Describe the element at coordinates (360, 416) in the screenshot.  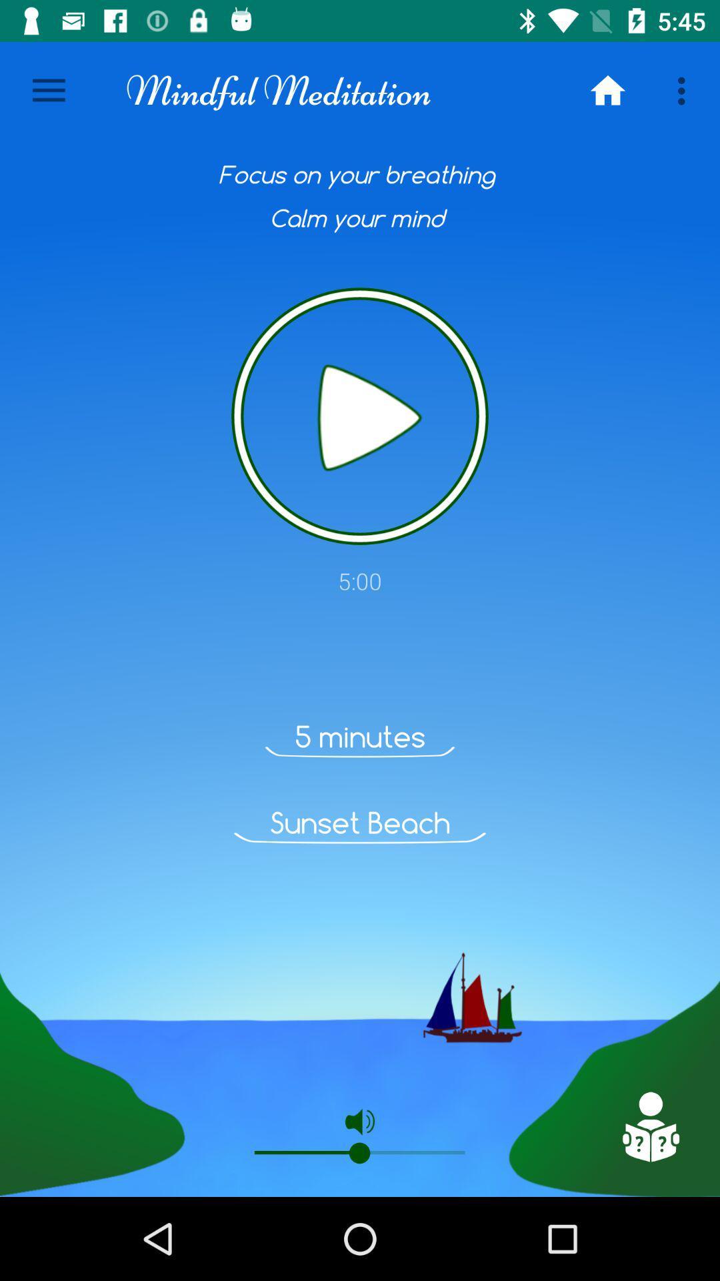
I see `item below the focus on your icon` at that location.